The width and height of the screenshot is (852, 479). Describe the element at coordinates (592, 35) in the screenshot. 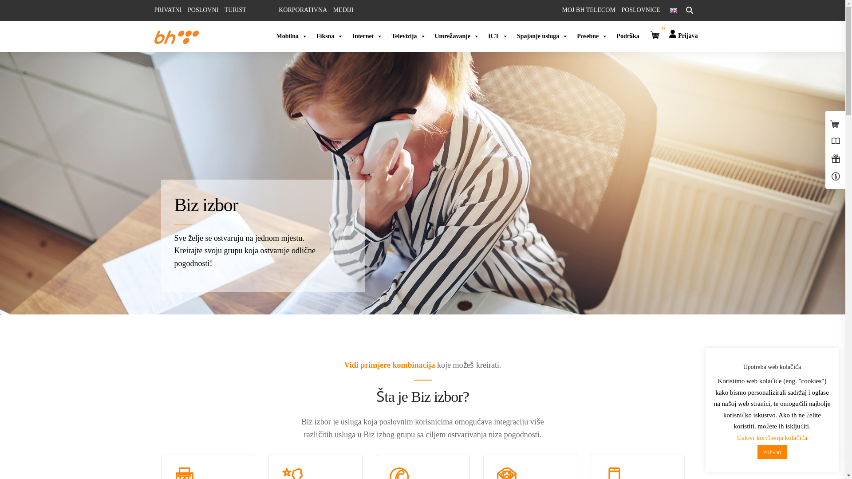

I see `'Posebne'` at that location.